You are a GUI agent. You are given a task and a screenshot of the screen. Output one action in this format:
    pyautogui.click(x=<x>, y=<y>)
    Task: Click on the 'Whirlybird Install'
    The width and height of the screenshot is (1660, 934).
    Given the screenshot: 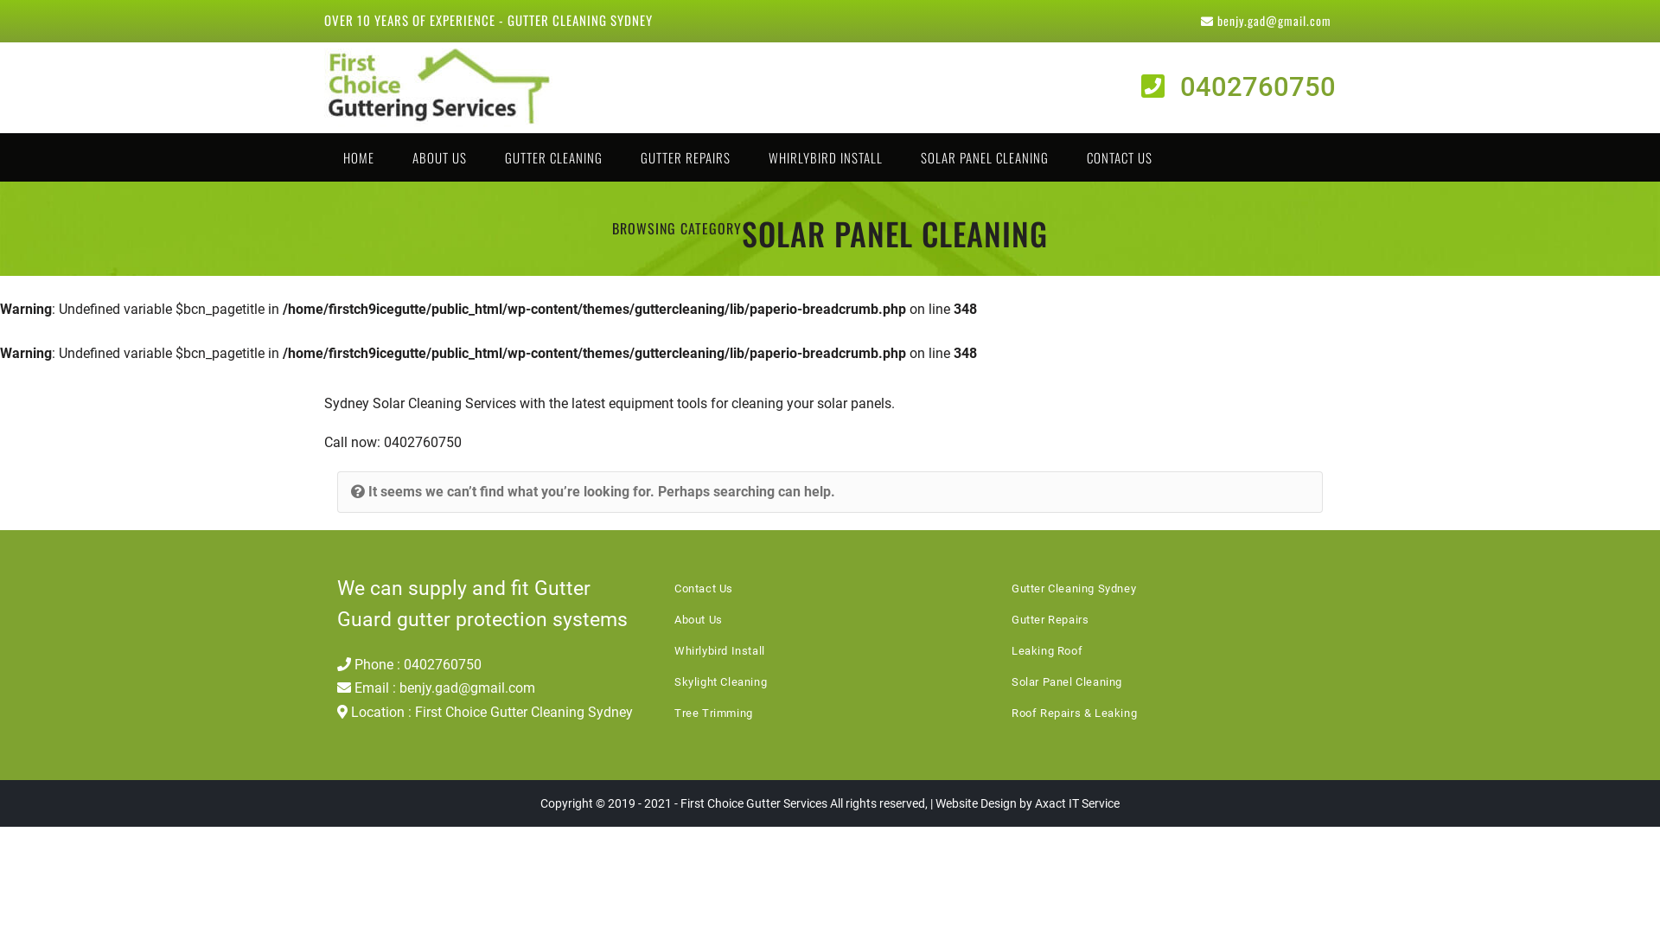 What is the action you would take?
    pyautogui.click(x=719, y=650)
    